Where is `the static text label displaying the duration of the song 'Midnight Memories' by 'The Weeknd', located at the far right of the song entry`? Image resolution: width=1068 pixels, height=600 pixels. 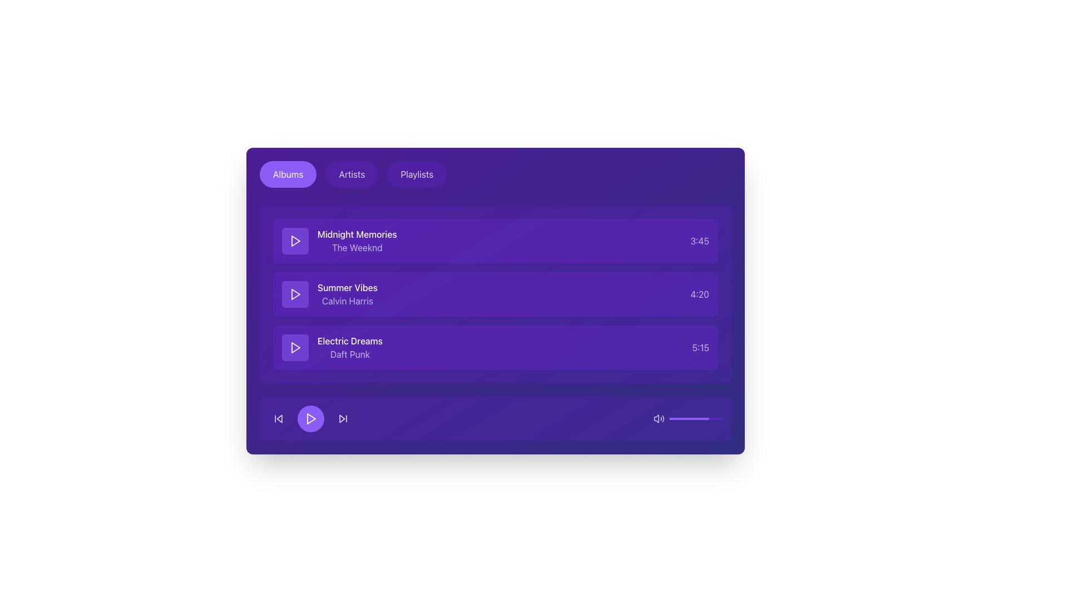
the static text label displaying the duration of the song 'Midnight Memories' by 'The Weeknd', located at the far right of the song entry is located at coordinates (699, 241).